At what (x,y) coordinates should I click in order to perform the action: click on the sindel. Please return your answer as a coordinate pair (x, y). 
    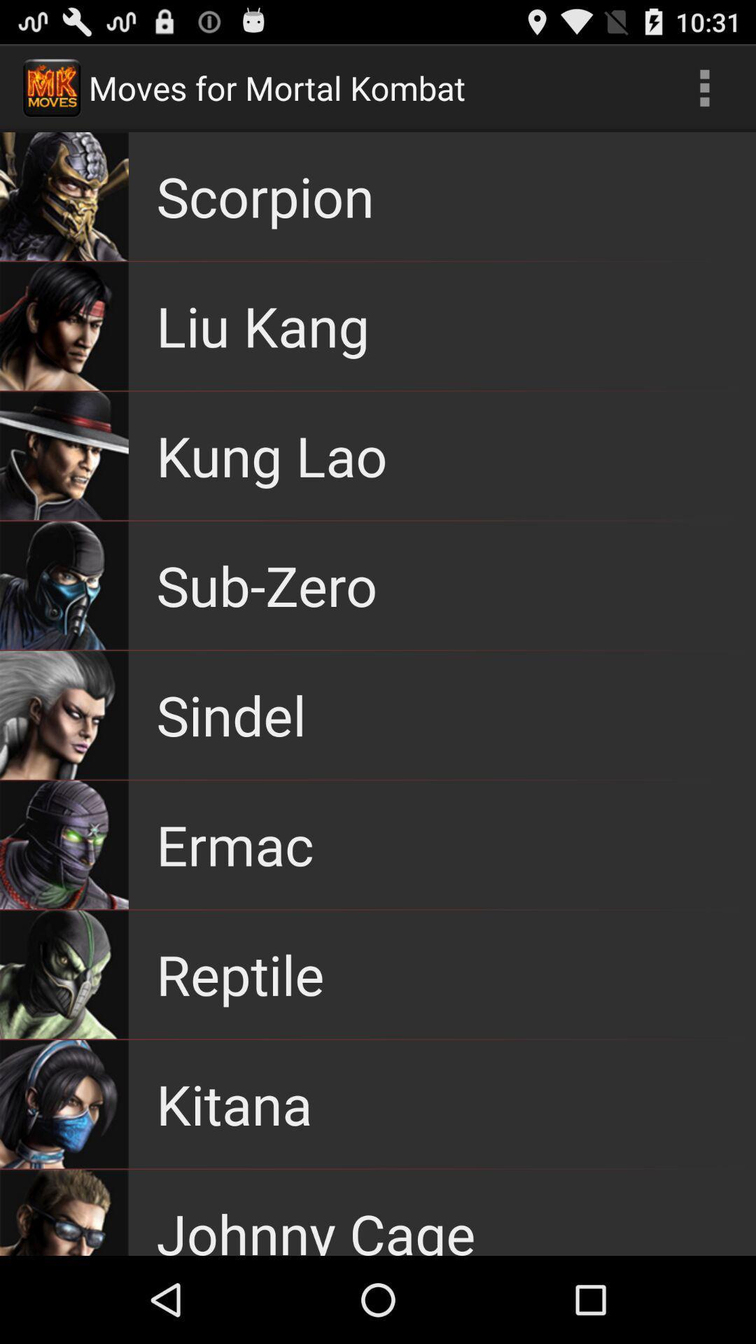
    Looking at the image, I should click on (230, 715).